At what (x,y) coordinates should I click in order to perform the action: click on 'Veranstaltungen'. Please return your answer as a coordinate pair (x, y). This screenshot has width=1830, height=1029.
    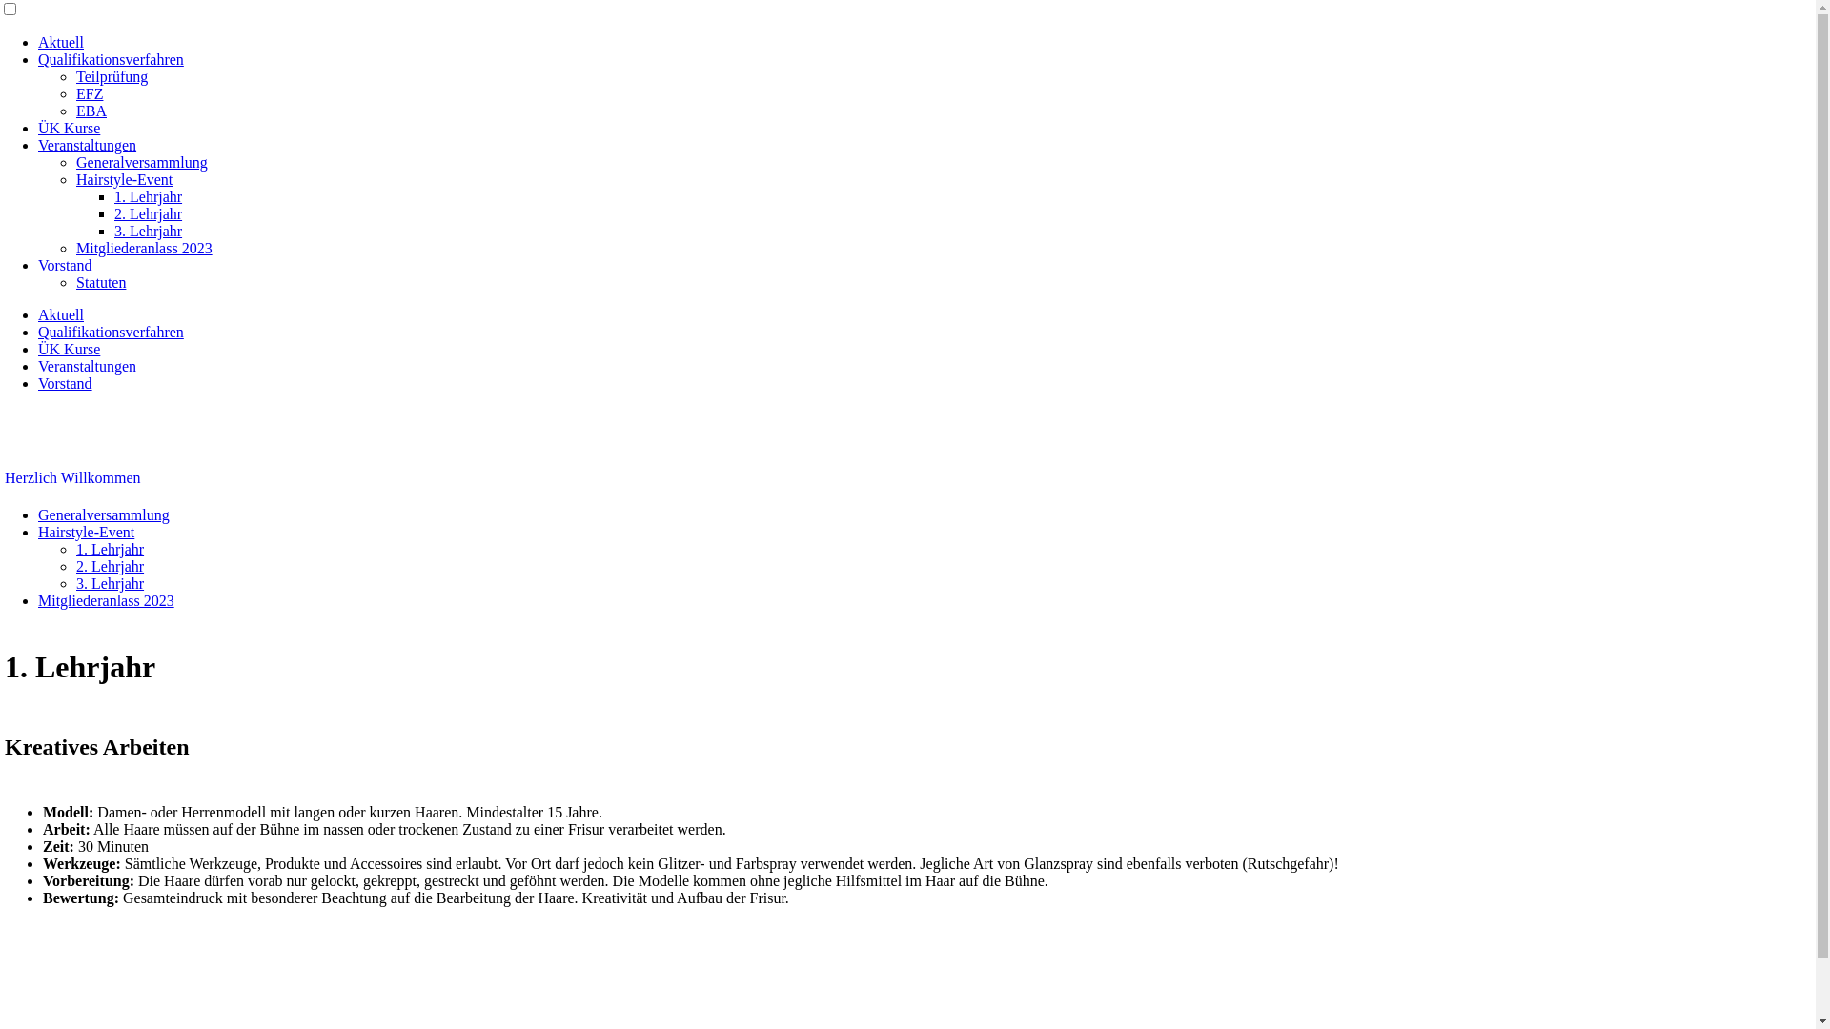
    Looking at the image, I should click on (86, 366).